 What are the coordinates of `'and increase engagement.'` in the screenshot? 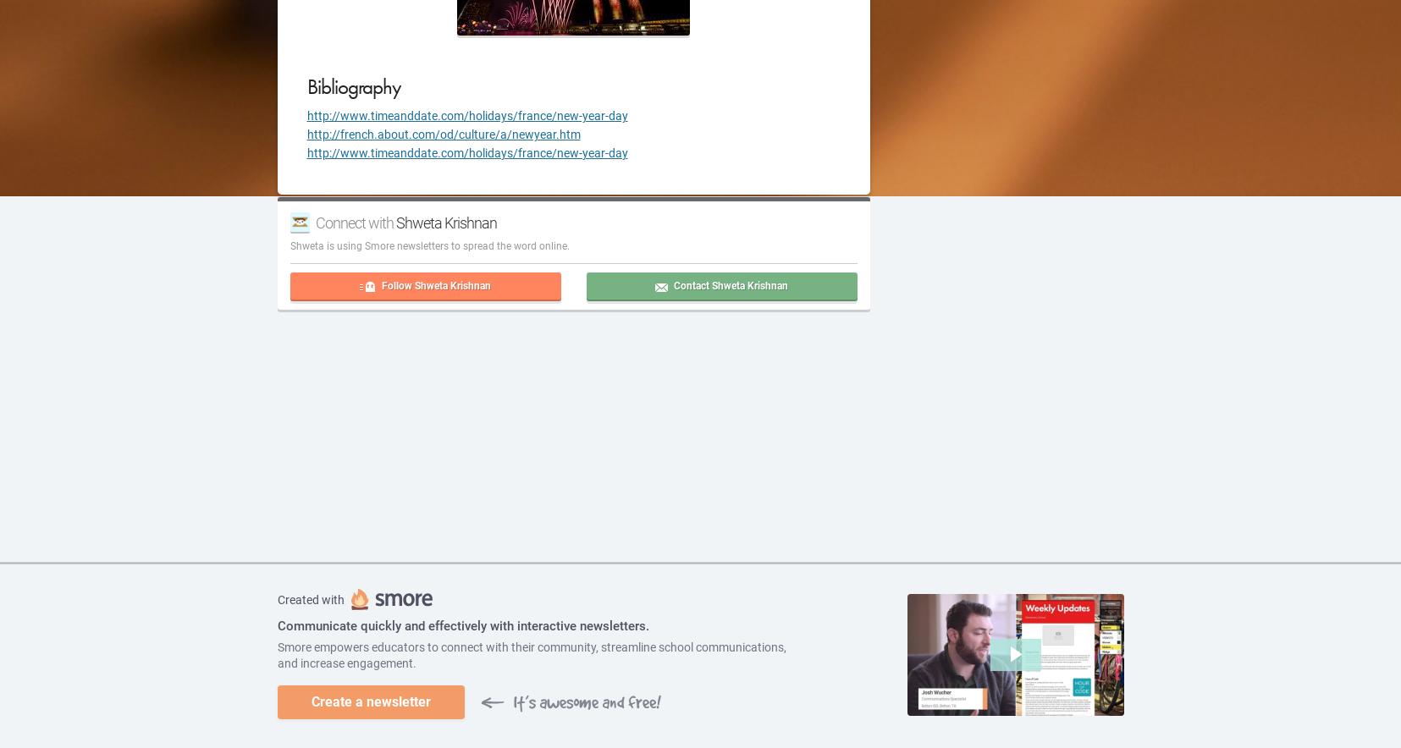 It's located at (345, 661).